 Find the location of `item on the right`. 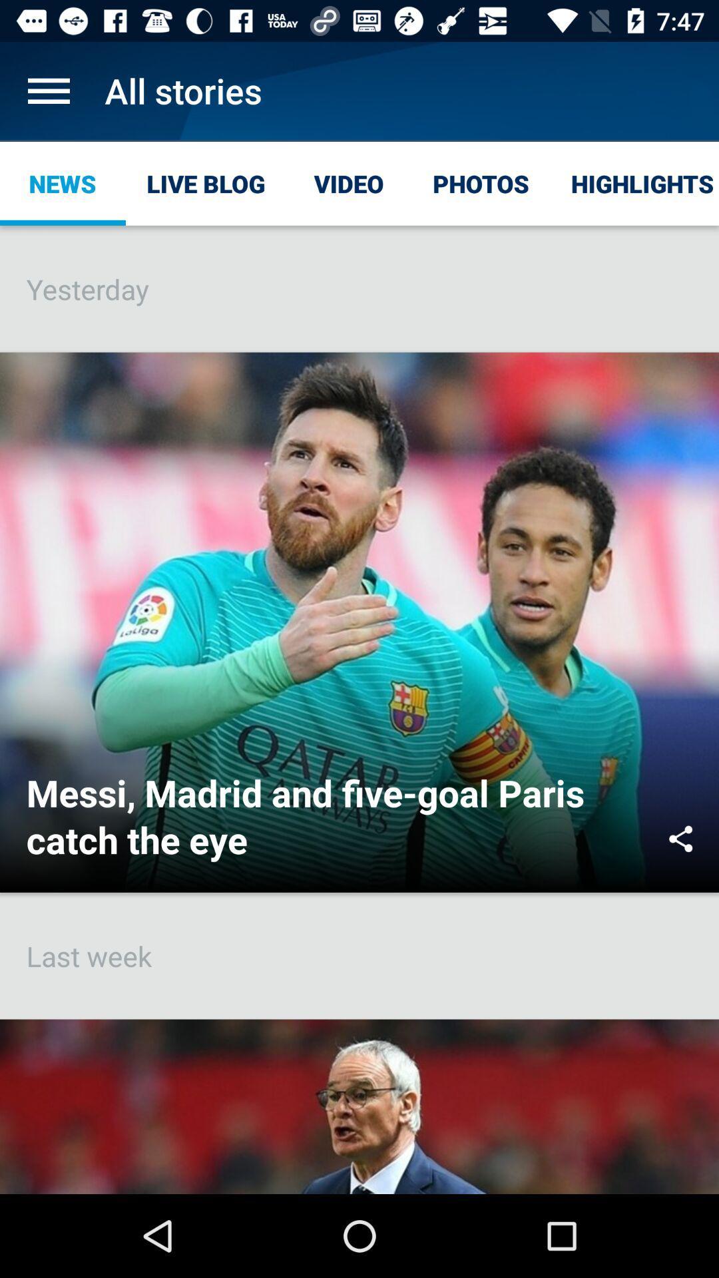

item on the right is located at coordinates (680, 838).